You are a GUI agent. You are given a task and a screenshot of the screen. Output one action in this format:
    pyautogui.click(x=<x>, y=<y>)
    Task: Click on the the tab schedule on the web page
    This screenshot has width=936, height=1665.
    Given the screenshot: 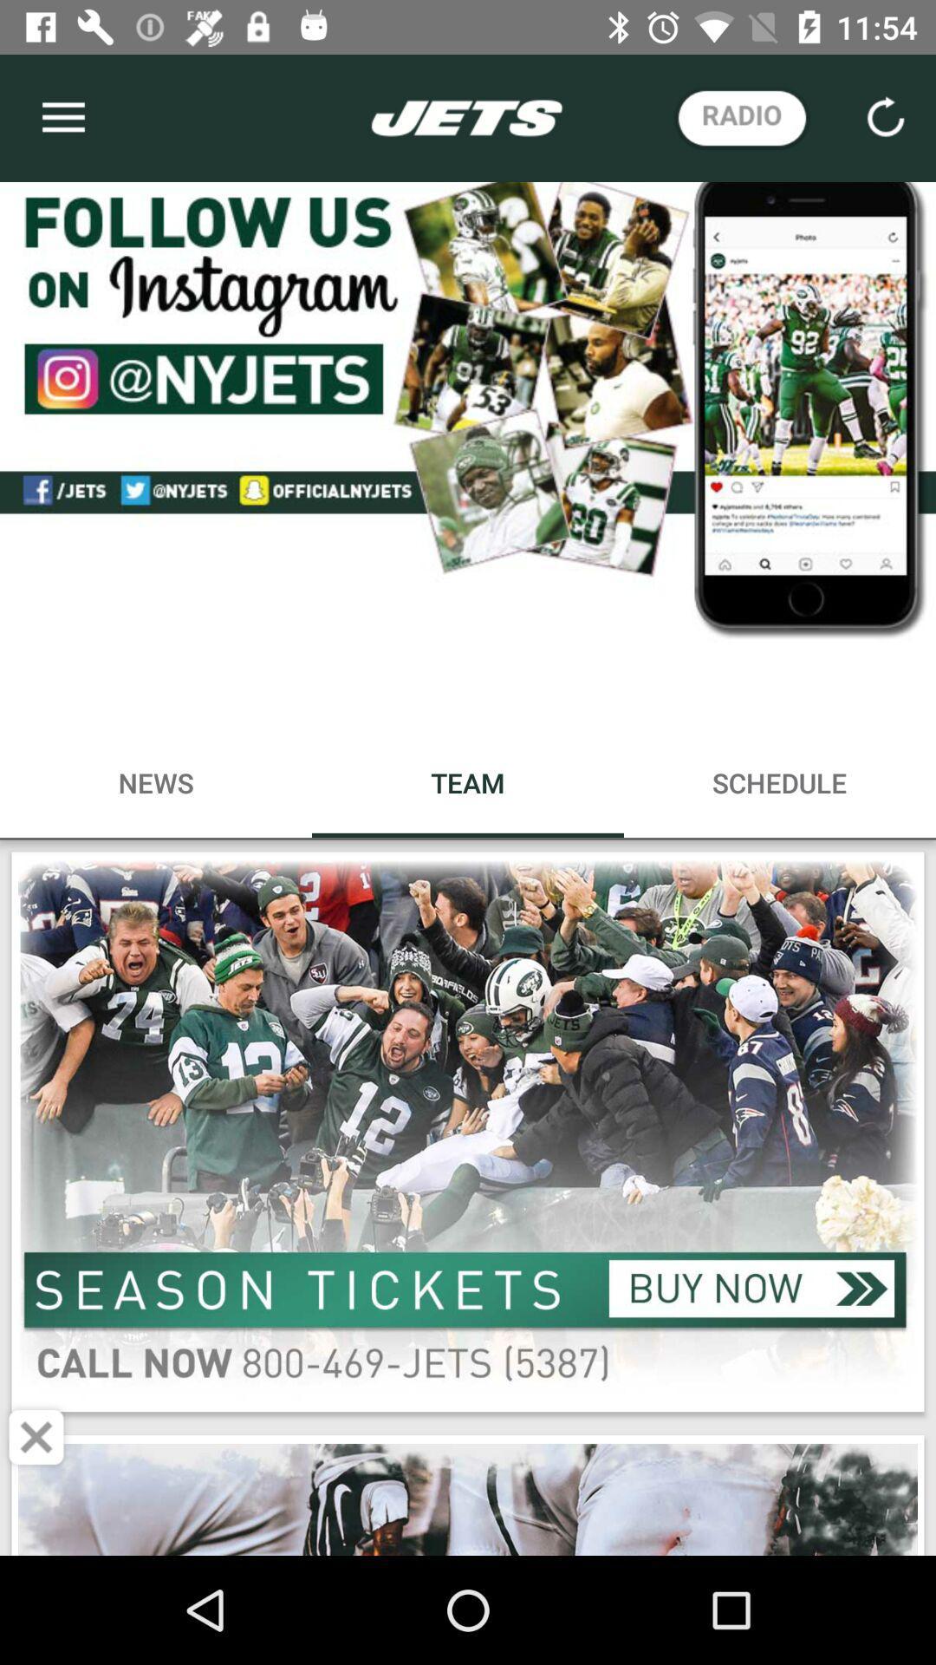 What is the action you would take?
    pyautogui.click(x=778, y=781)
    